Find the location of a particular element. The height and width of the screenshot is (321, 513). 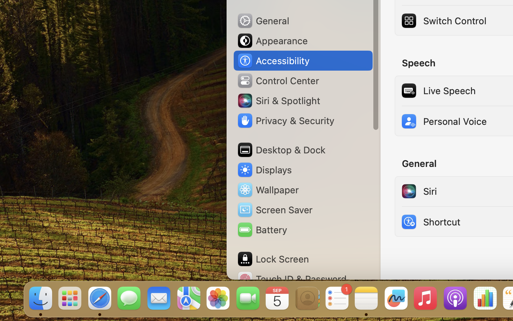

'Privacy & Security' is located at coordinates (285, 121).